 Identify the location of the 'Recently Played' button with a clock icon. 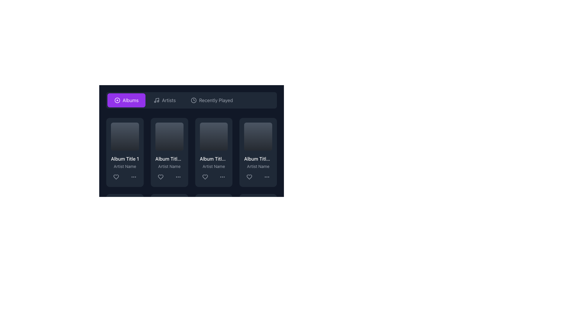
(212, 100).